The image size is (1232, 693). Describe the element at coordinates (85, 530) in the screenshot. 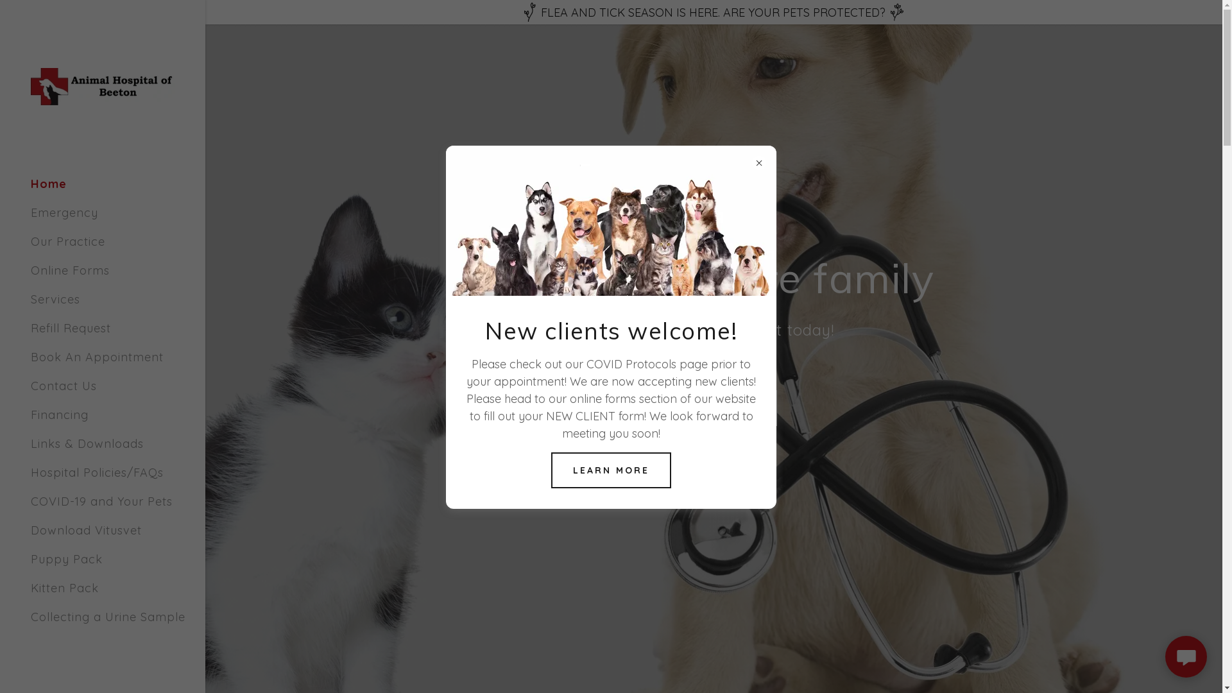

I see `'Download Vitusvet'` at that location.